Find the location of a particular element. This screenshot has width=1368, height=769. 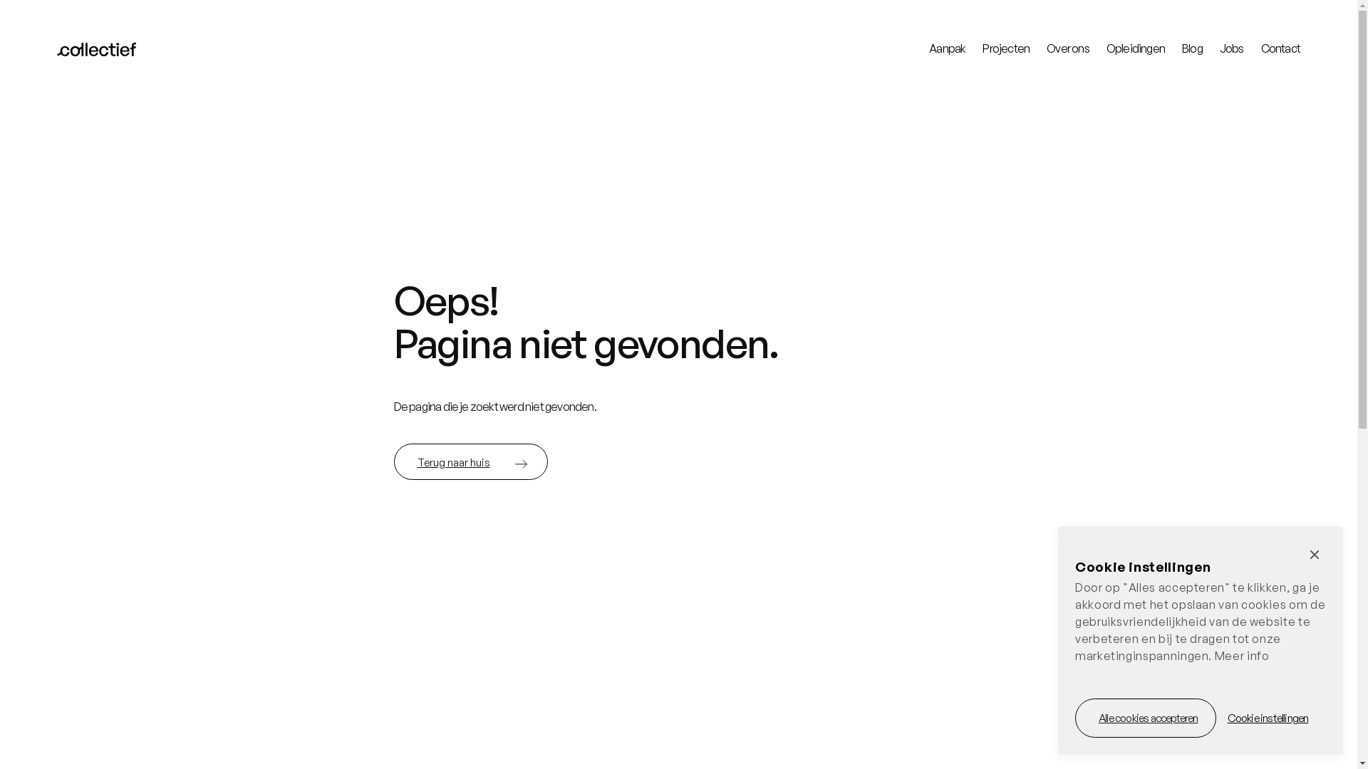

'Cookie instellingen' is located at coordinates (1227, 718).